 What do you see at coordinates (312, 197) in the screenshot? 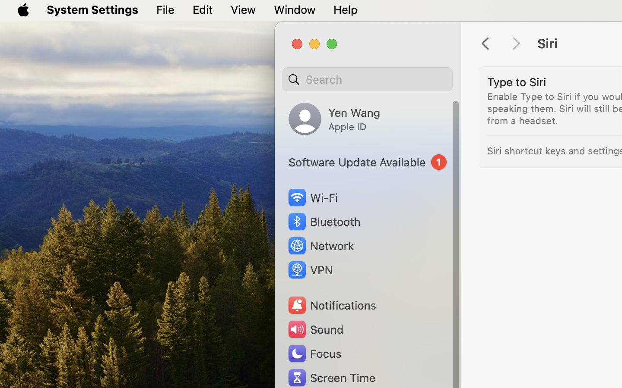
I see `'Wi‑Fi'` at bounding box center [312, 197].